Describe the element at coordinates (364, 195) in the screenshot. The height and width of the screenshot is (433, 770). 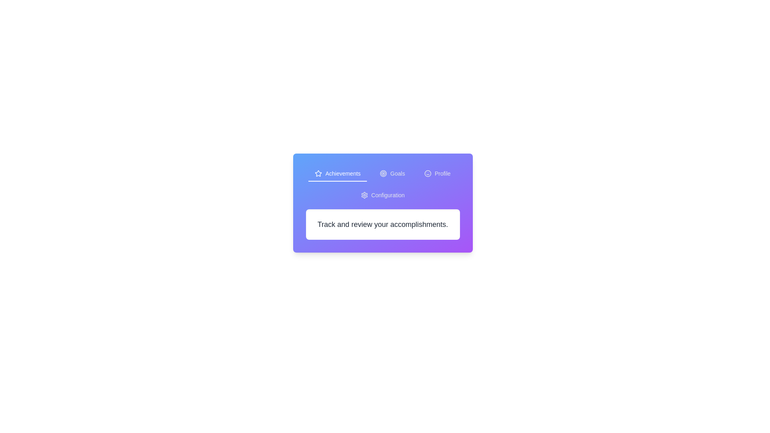
I see `the icon associated with the Configuration tab to verify its functionality` at that location.